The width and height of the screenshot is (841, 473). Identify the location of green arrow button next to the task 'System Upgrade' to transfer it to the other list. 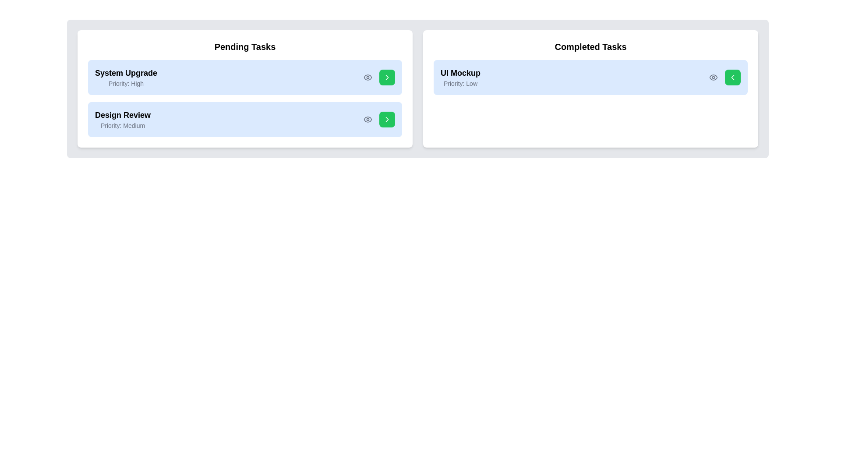
(386, 77).